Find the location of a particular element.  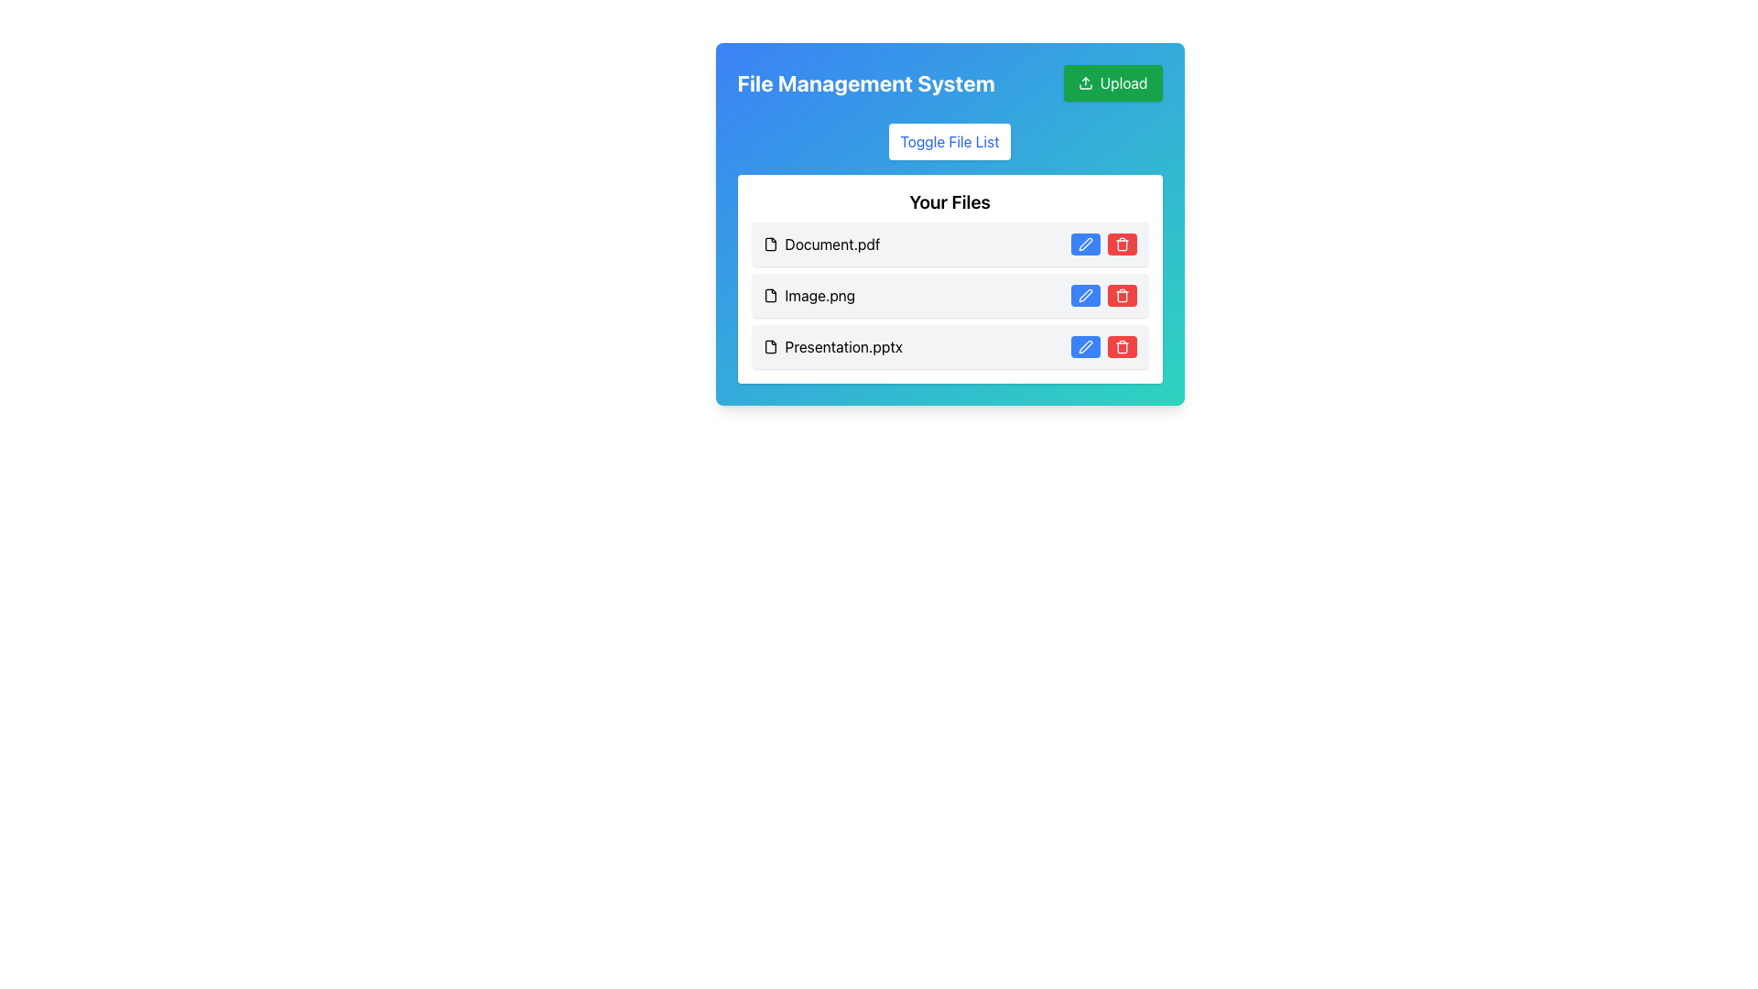

the file icon representing 'Document.pdf' is located at coordinates (770, 243).